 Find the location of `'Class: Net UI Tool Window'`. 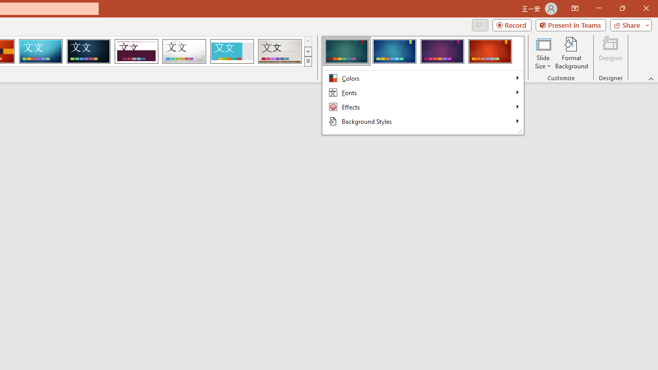

'Class: Net UI Tool Window' is located at coordinates (423, 85).